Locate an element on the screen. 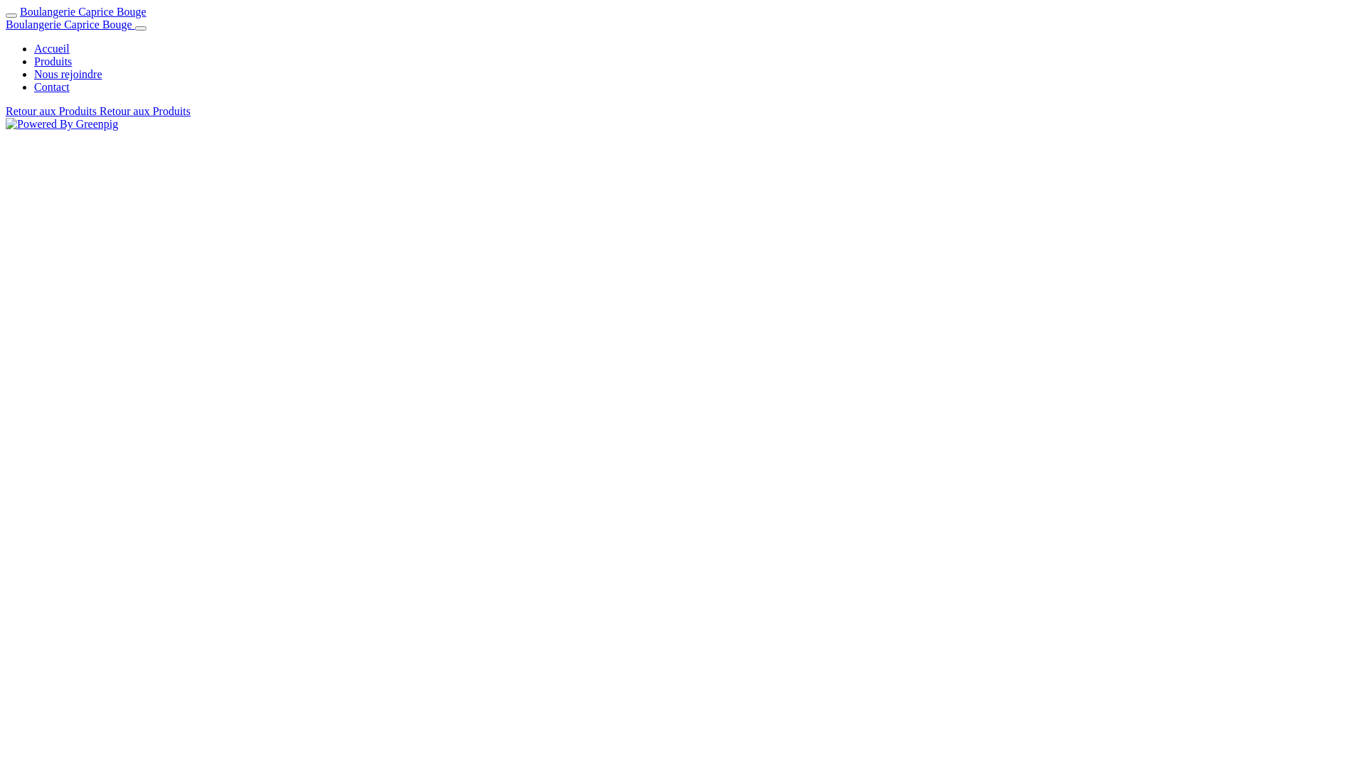  'Nous rejoindre' is located at coordinates (68, 74).